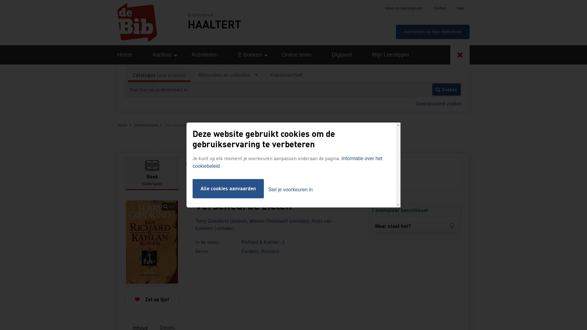  What do you see at coordinates (446, 90) in the screenshot?
I see `'Zoeken'` at bounding box center [446, 90].